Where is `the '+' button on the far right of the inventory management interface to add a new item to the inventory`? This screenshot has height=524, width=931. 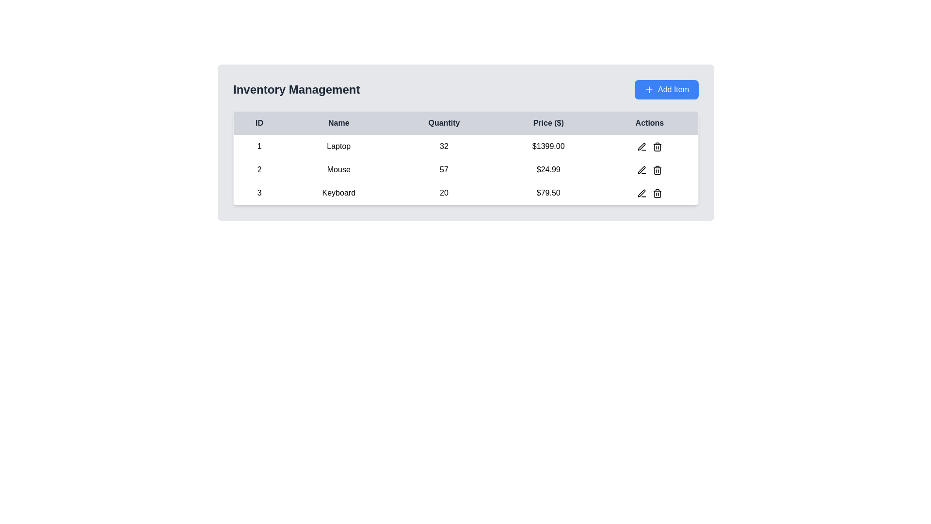 the '+' button on the far right of the inventory management interface to add a new item to the inventory is located at coordinates (666, 90).